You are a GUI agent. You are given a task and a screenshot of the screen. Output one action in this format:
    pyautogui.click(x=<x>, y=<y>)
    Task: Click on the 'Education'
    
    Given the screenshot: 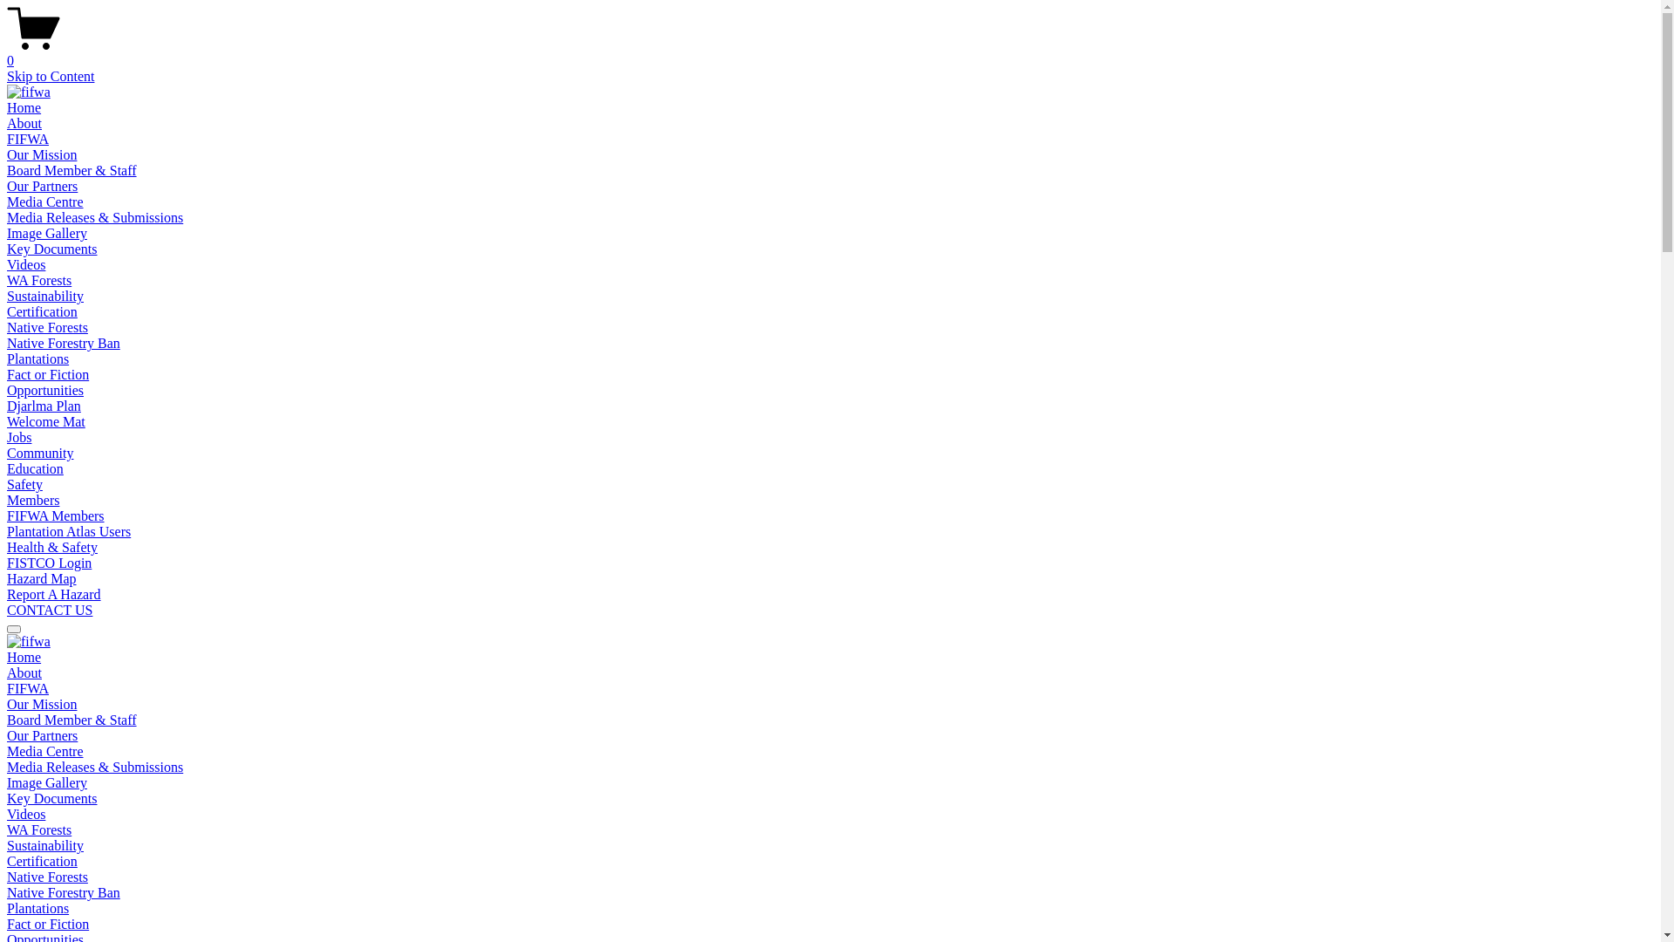 What is the action you would take?
    pyautogui.click(x=35, y=468)
    